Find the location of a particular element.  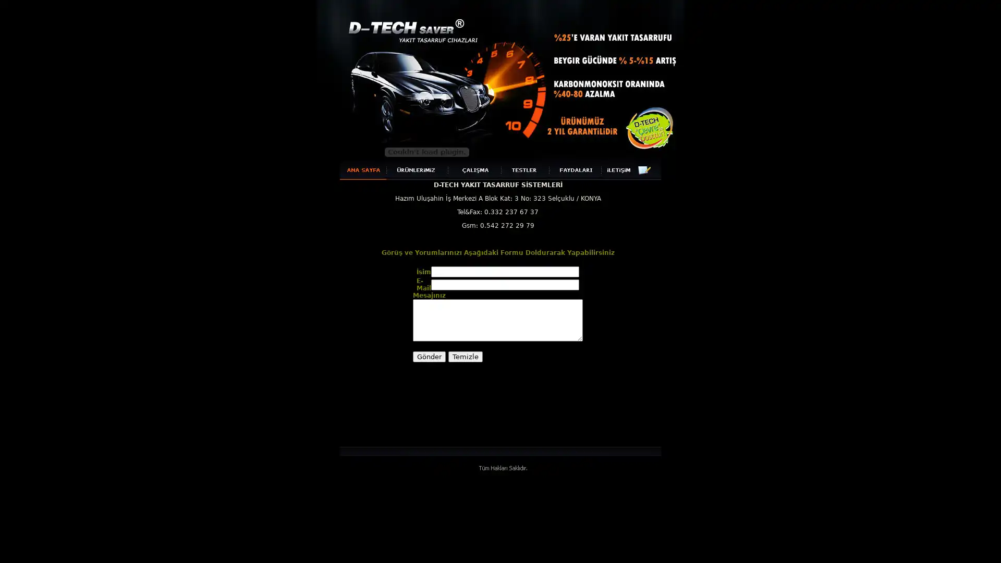

Gonder is located at coordinates (429, 356).